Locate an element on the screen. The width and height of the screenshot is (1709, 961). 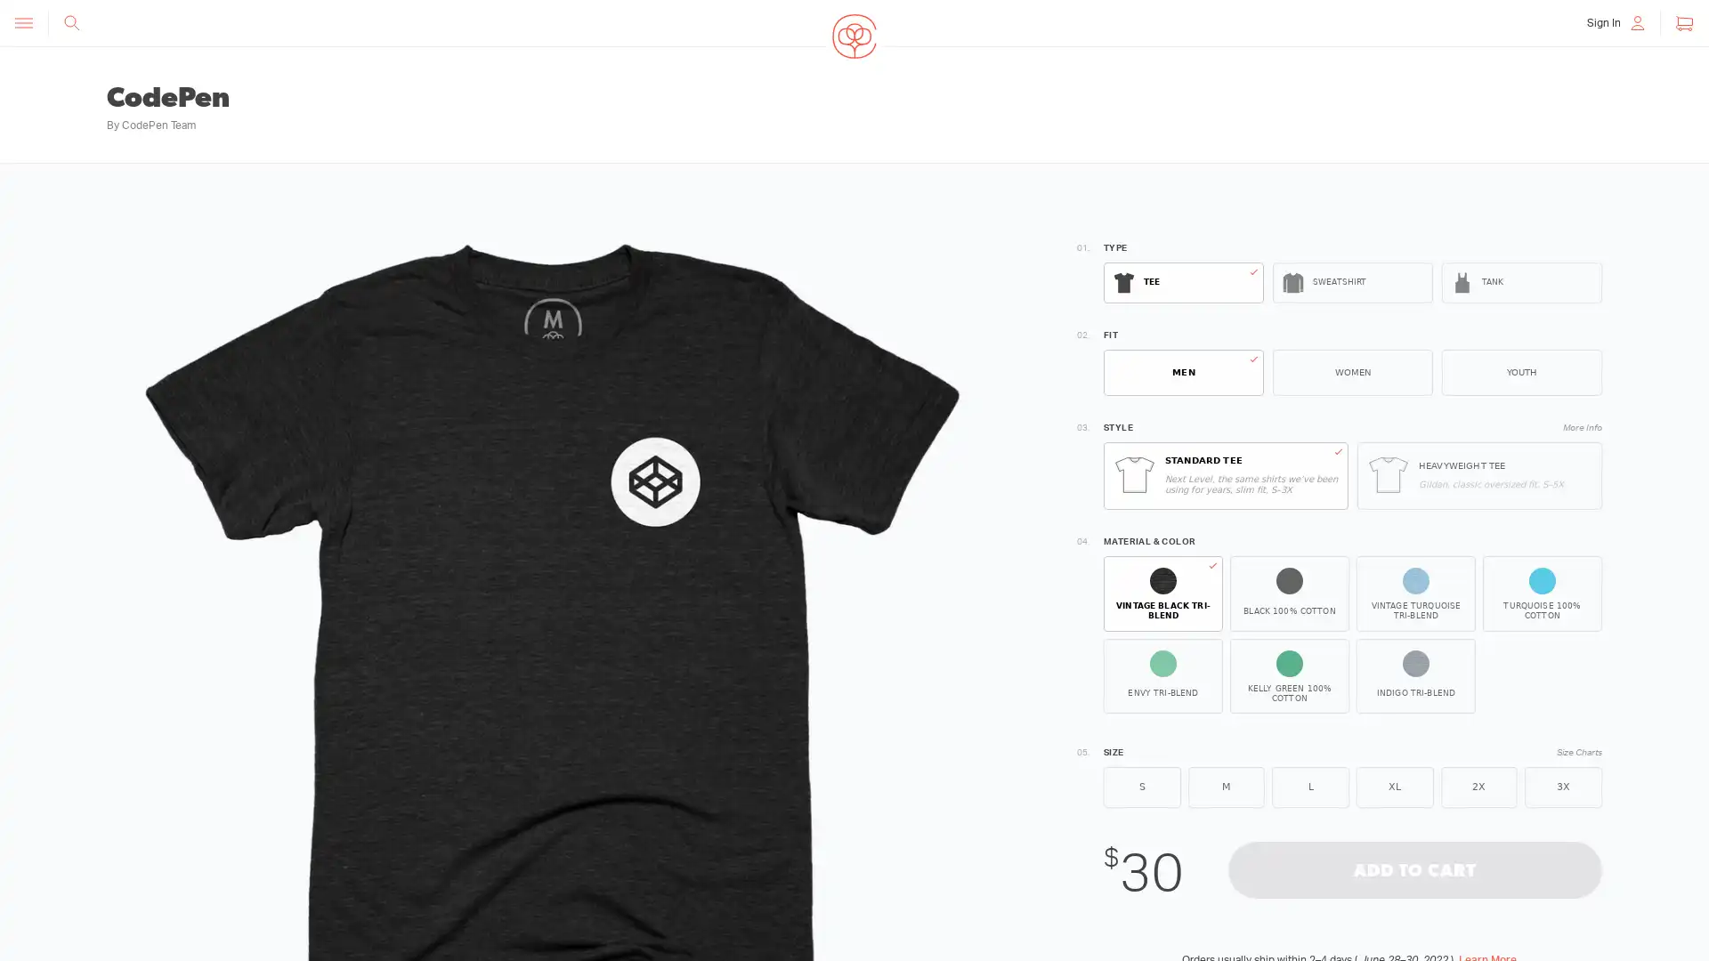
YOUTH is located at coordinates (1520, 372).